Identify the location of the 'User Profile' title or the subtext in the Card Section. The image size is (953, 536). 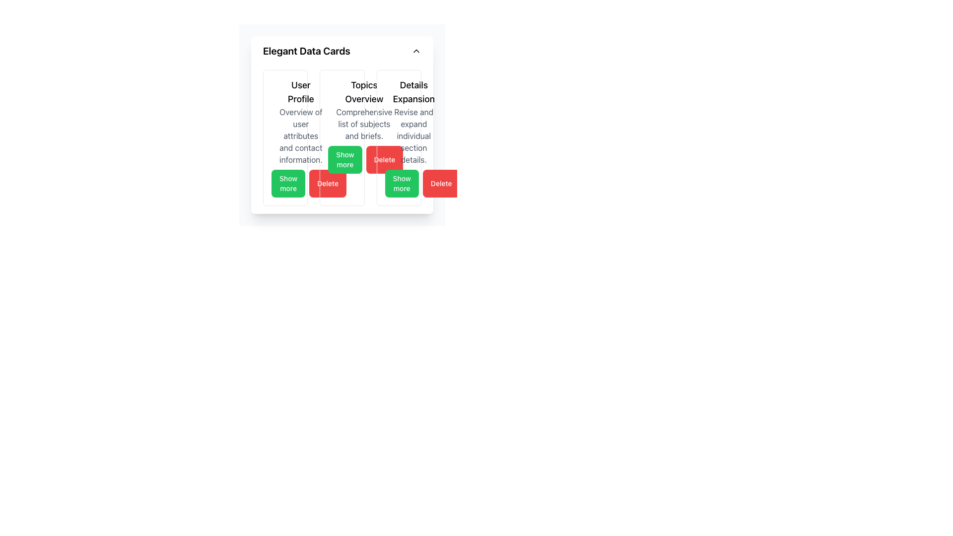
(285, 122).